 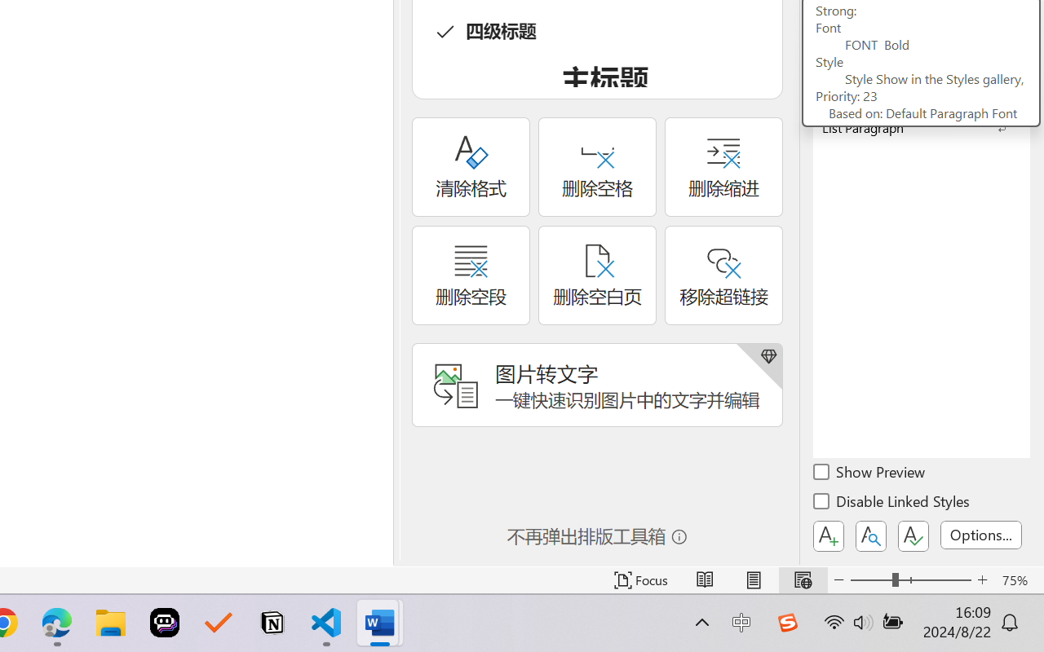 I want to click on 'Print Layout', so click(x=753, y=579).